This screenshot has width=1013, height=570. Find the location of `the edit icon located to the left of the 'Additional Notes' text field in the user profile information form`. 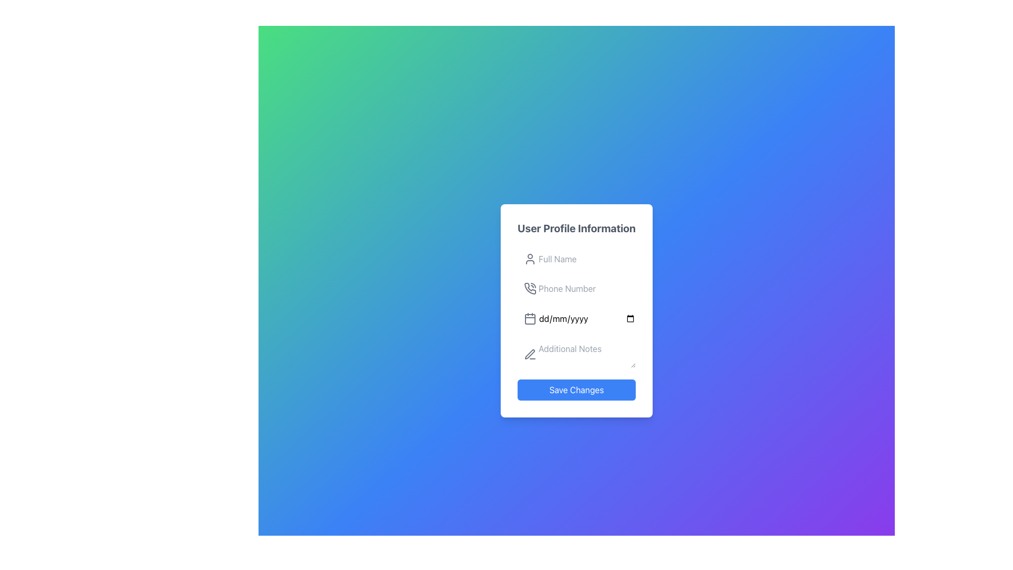

the edit icon located to the left of the 'Additional Notes' text field in the user profile information form is located at coordinates (530, 354).